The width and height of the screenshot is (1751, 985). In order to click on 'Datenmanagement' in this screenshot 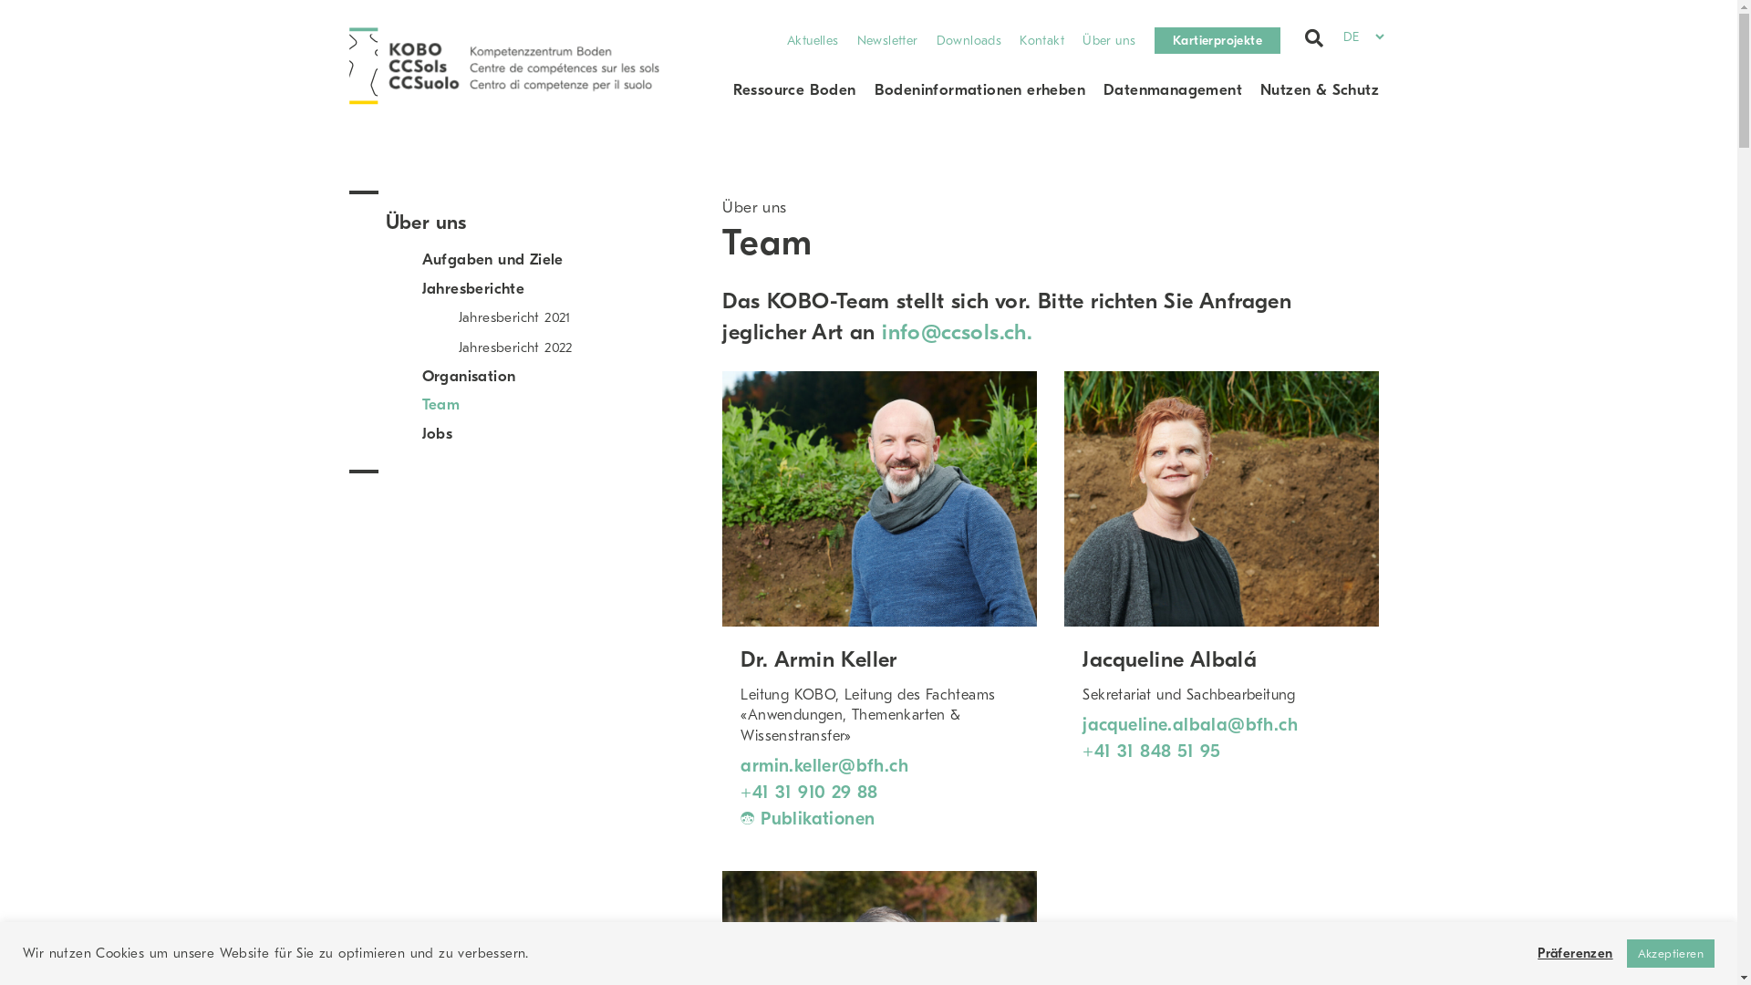, I will do `click(1173, 90)`.